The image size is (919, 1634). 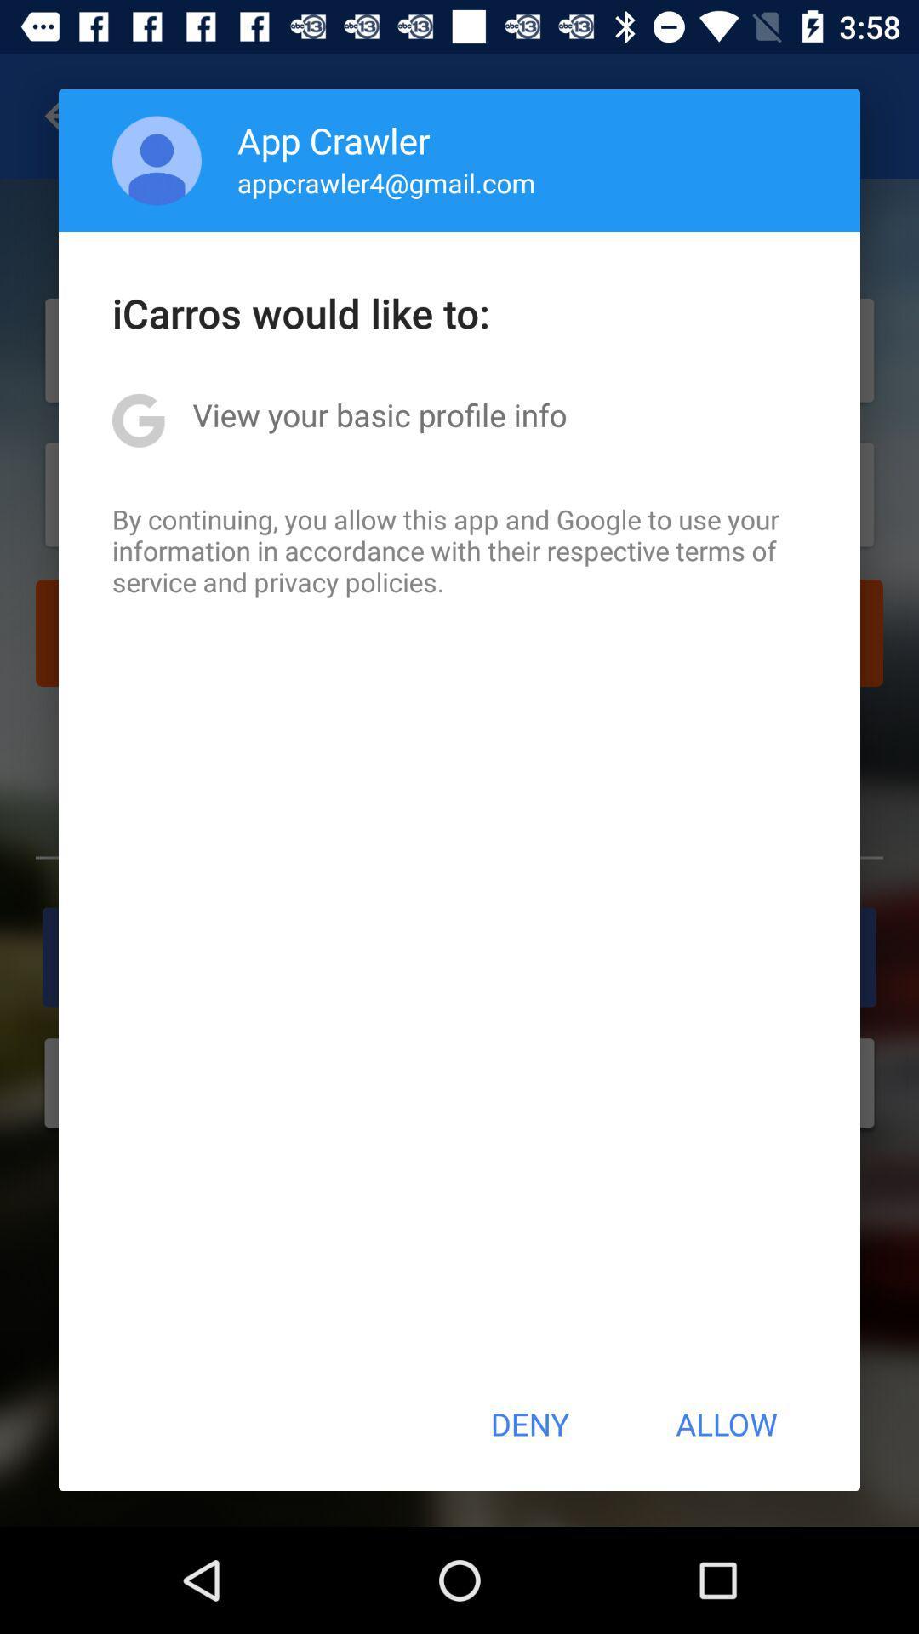 I want to click on the item at the bottom, so click(x=528, y=1424).